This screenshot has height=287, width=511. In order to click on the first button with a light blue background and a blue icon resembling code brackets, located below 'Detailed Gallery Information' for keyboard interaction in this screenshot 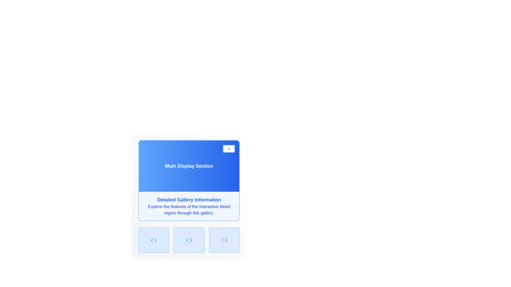, I will do `click(154, 240)`.